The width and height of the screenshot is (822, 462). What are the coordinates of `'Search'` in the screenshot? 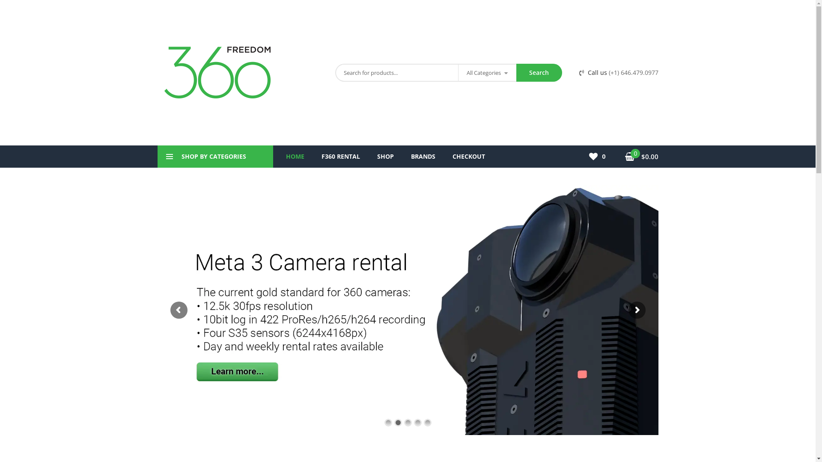 It's located at (539, 72).